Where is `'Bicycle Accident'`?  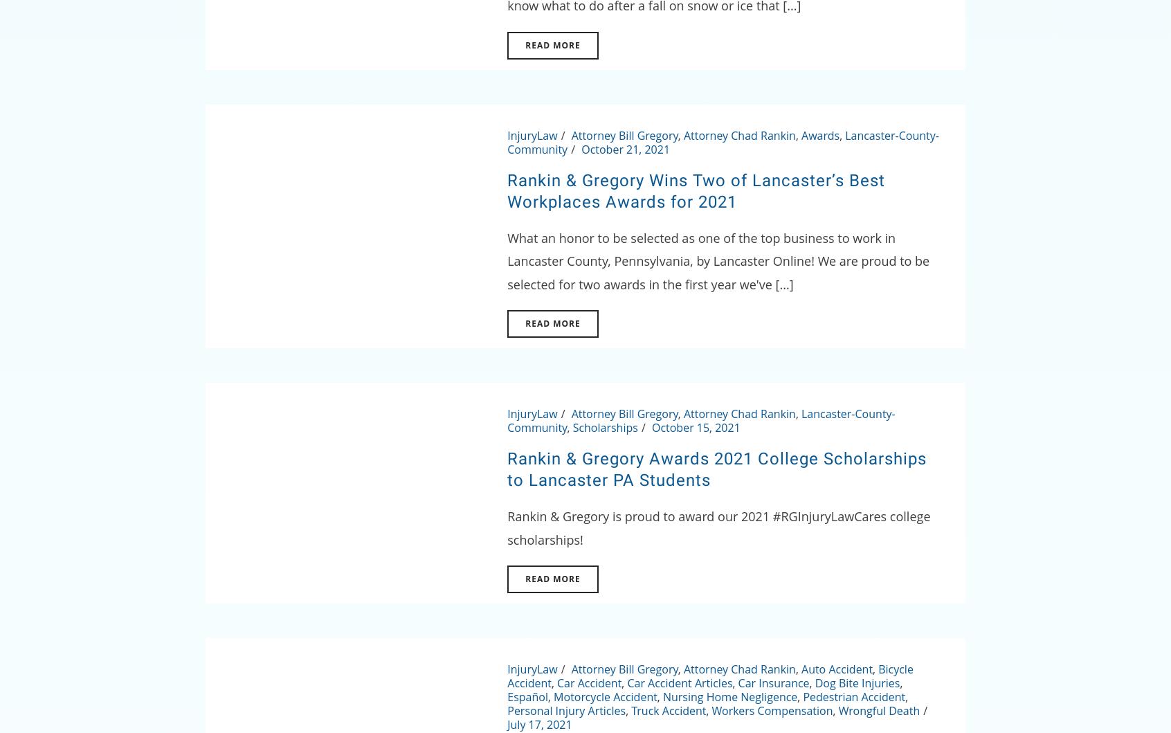 'Bicycle Accident' is located at coordinates (709, 674).